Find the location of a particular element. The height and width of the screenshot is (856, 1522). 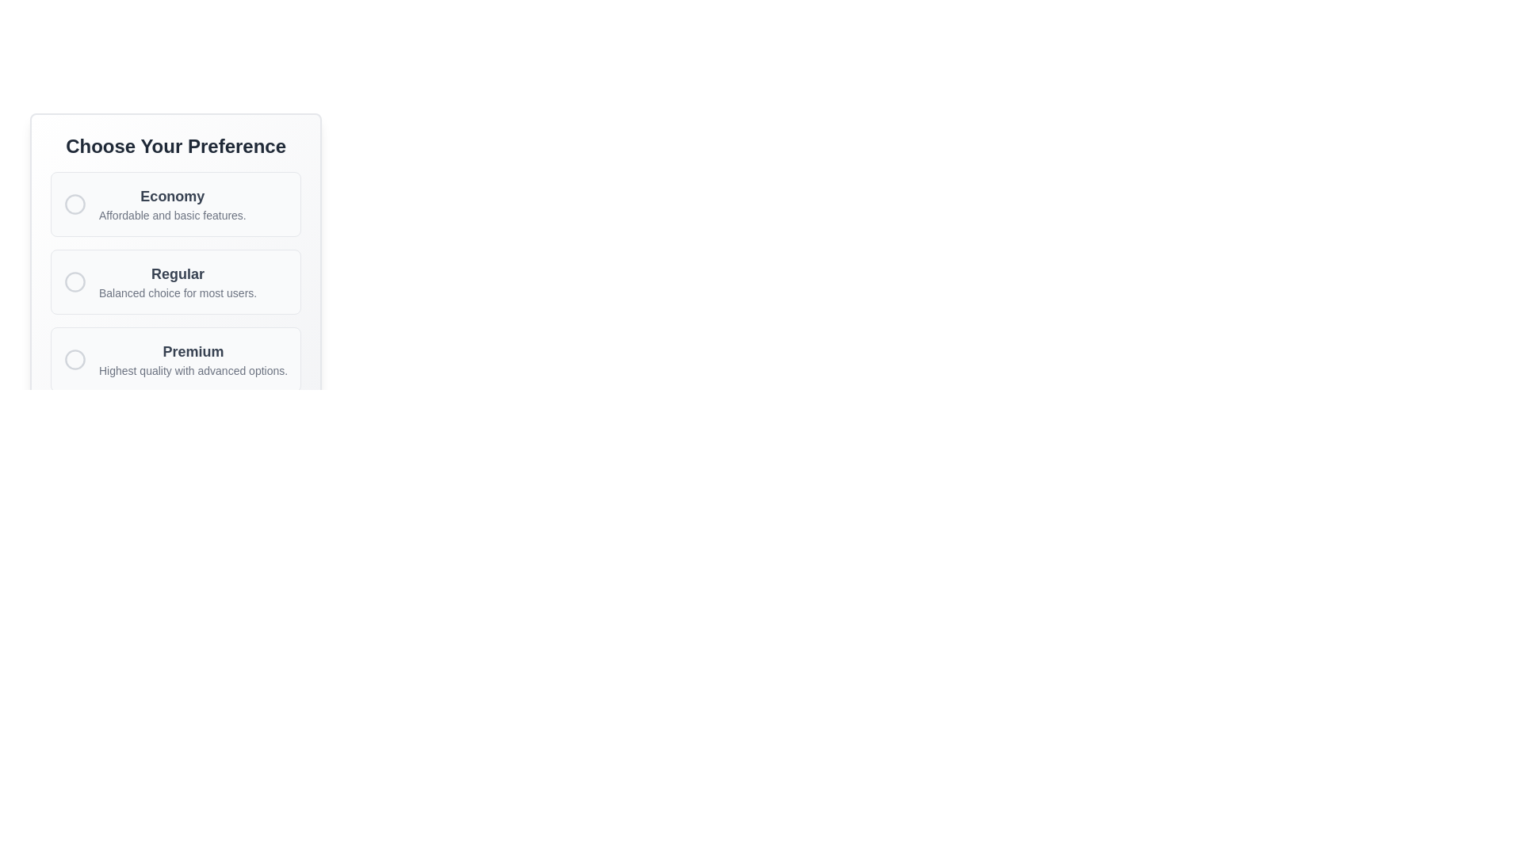

the radio button is located at coordinates (75, 281).